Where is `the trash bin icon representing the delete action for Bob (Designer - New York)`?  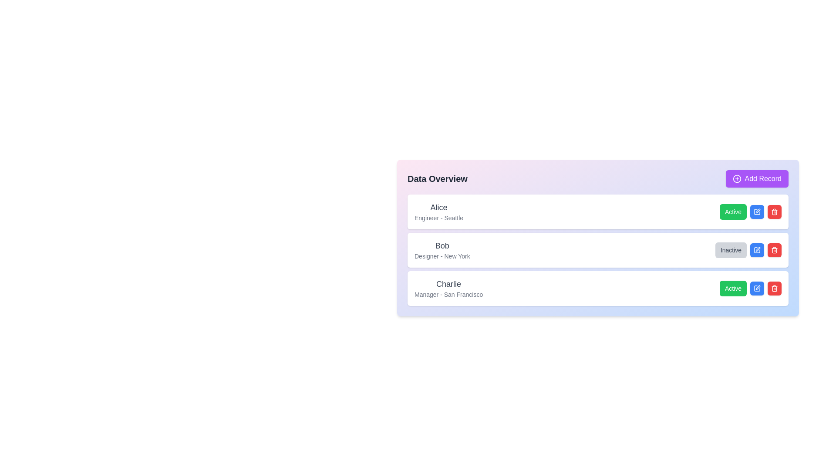 the trash bin icon representing the delete action for Bob (Designer - New York) is located at coordinates (775, 250).